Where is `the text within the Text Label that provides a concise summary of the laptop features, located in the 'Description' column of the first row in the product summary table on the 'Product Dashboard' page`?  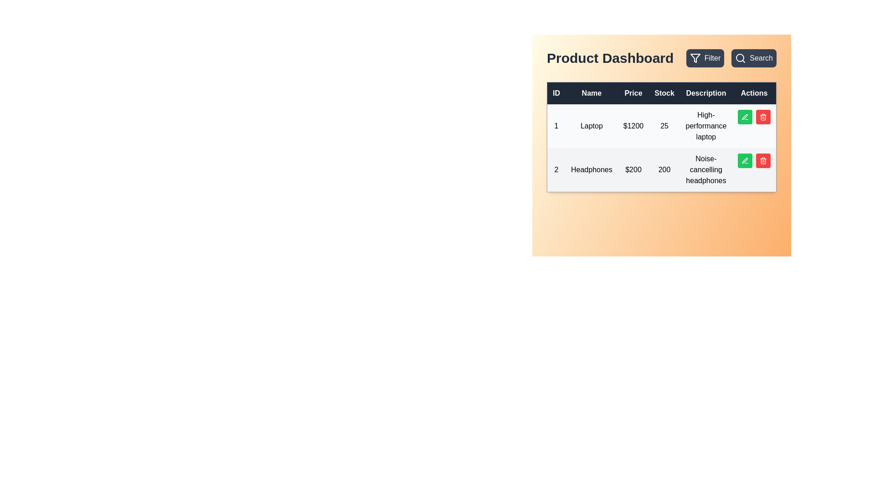 the text within the Text Label that provides a concise summary of the laptop features, located in the 'Description' column of the first row in the product summary table on the 'Product Dashboard' page is located at coordinates (705, 126).